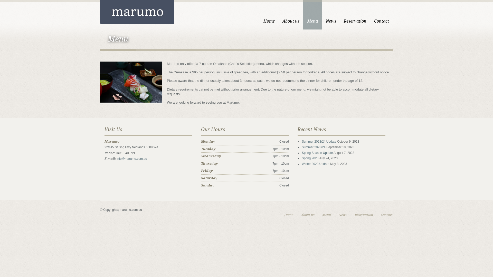 This screenshot has width=493, height=277. Describe the element at coordinates (303, 14) in the screenshot. I see `'Menu'` at that location.